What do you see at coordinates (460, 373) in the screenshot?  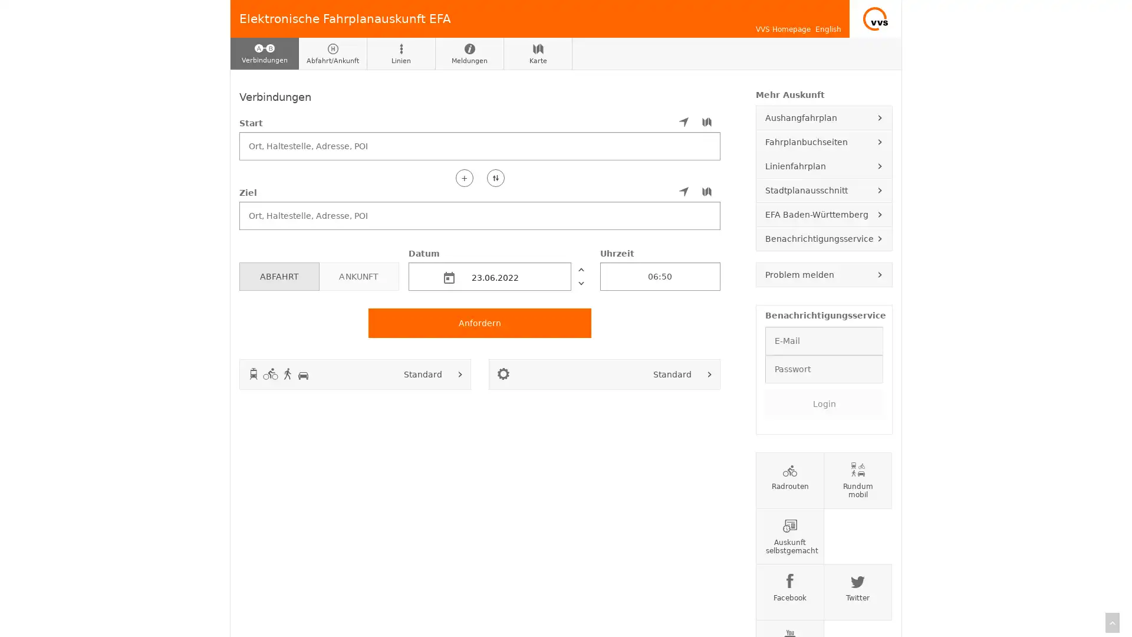 I see `Verkehrsmittel auswahlen` at bounding box center [460, 373].